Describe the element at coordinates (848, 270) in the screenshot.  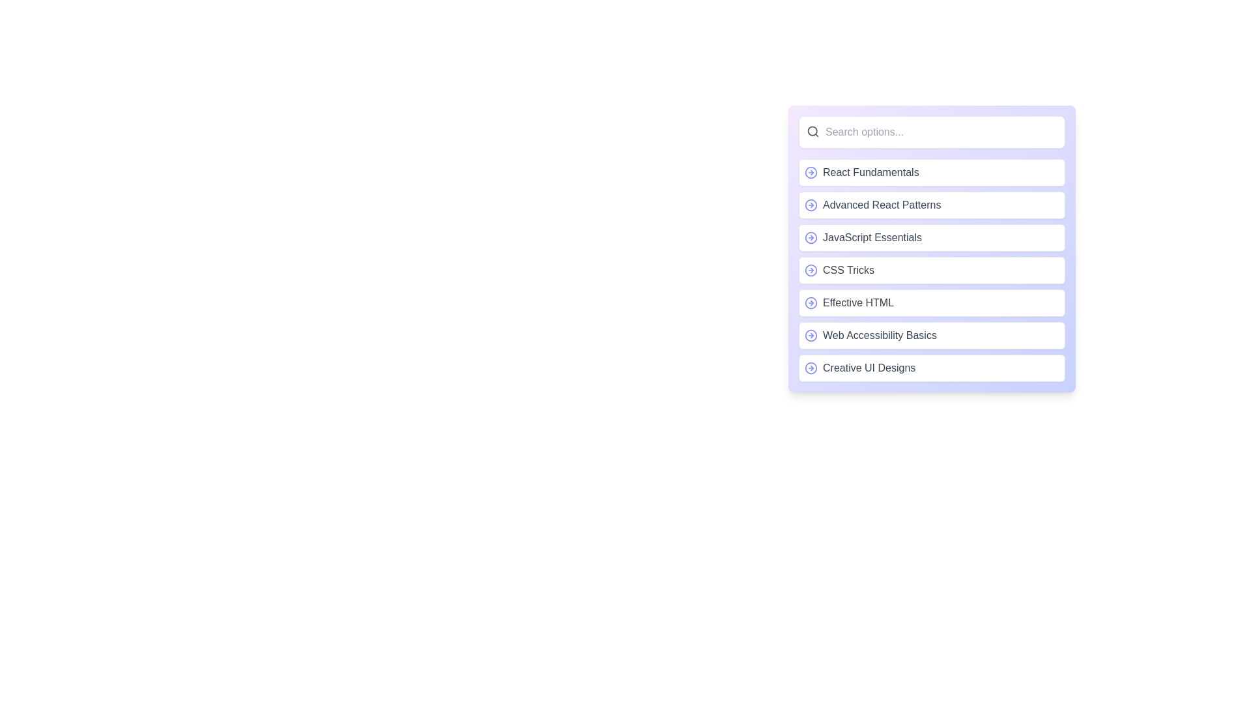
I see `the fourth Text label in the list, which provides identification for the corresponding option, located to the right of a circular arrow icon` at that location.